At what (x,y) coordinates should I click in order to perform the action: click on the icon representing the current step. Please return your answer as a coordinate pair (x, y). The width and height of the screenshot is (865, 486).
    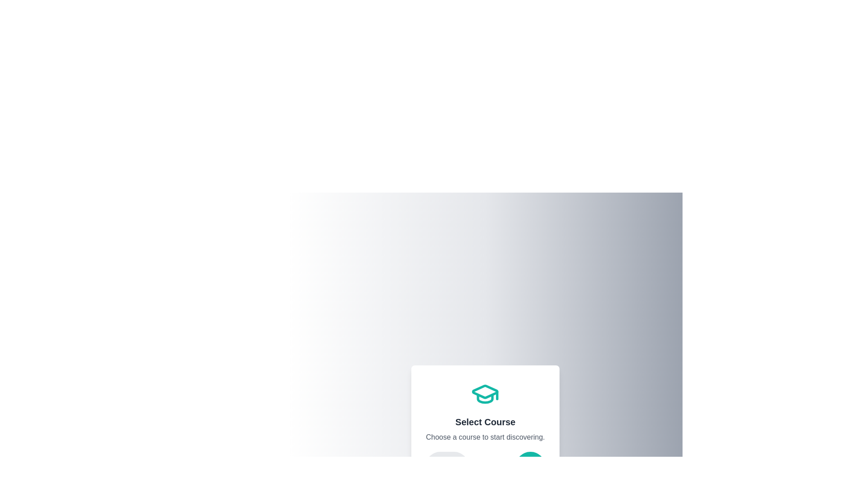
    Looking at the image, I should click on (485, 393).